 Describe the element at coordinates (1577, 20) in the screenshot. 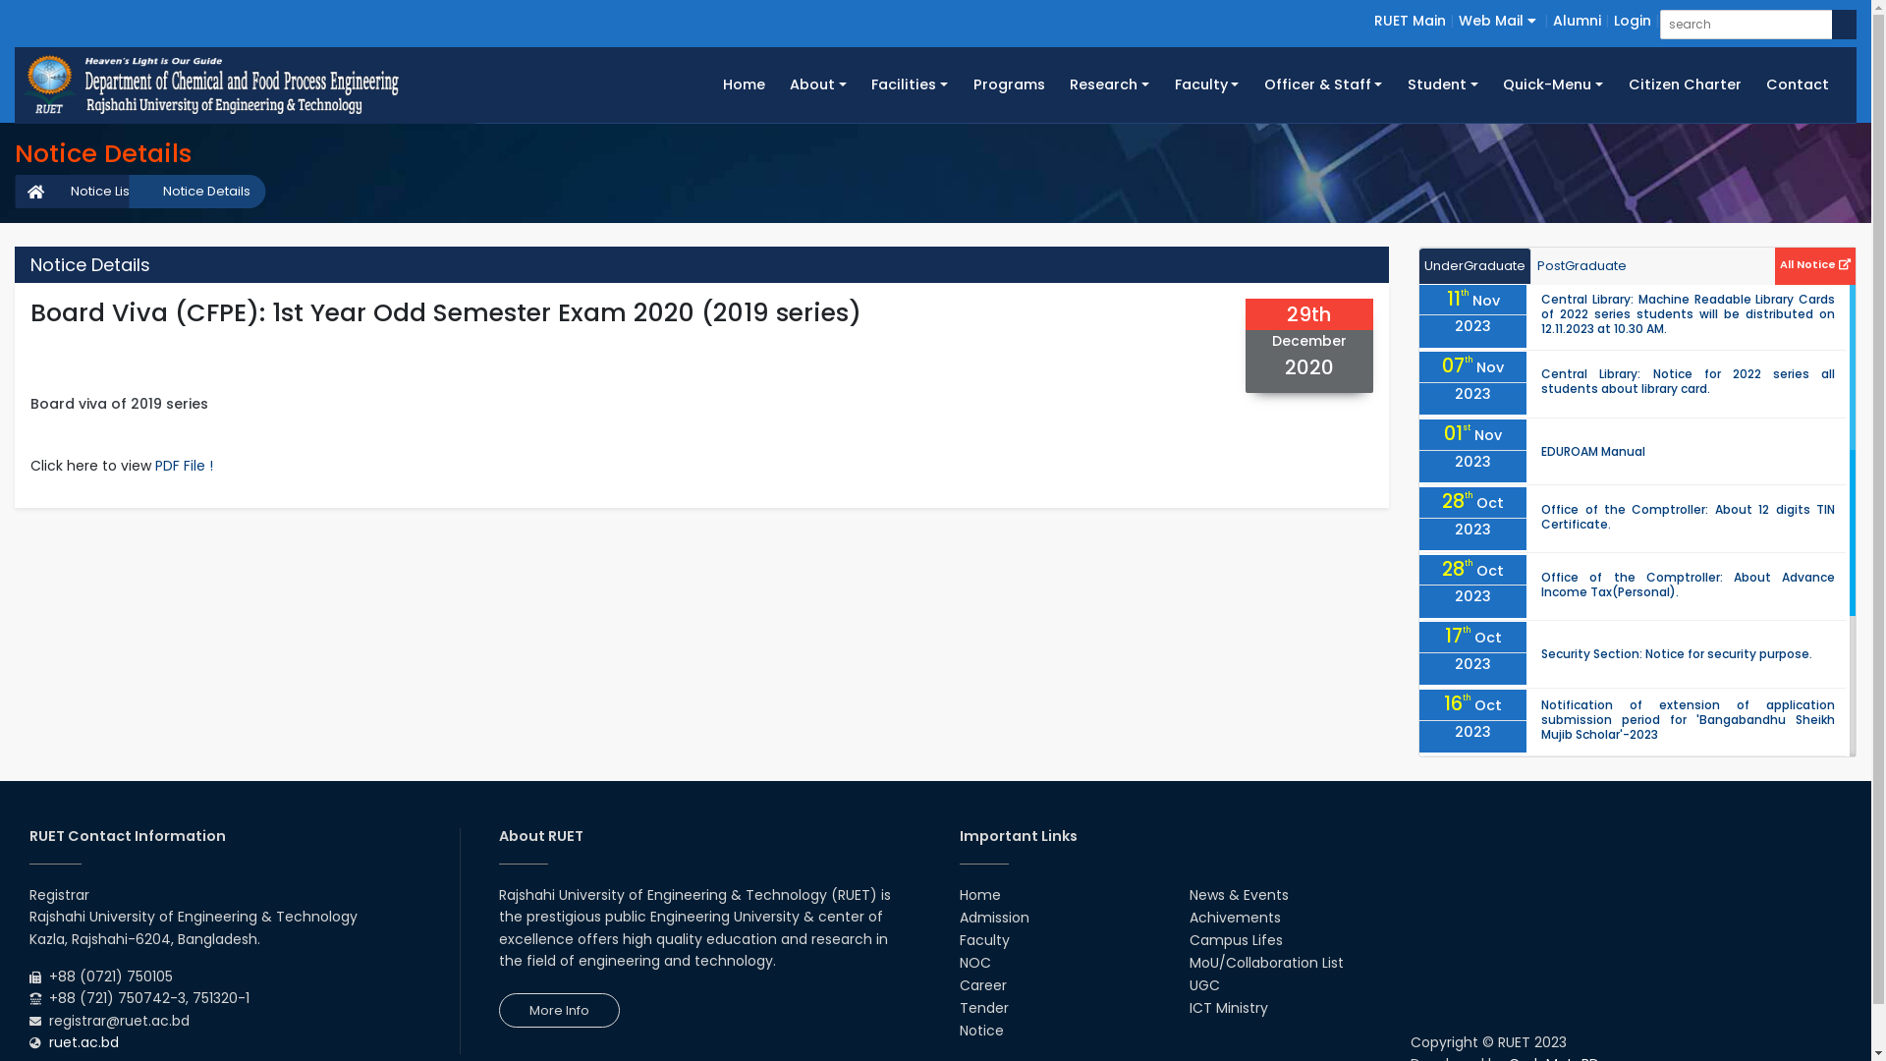

I see `'Alumni'` at that location.